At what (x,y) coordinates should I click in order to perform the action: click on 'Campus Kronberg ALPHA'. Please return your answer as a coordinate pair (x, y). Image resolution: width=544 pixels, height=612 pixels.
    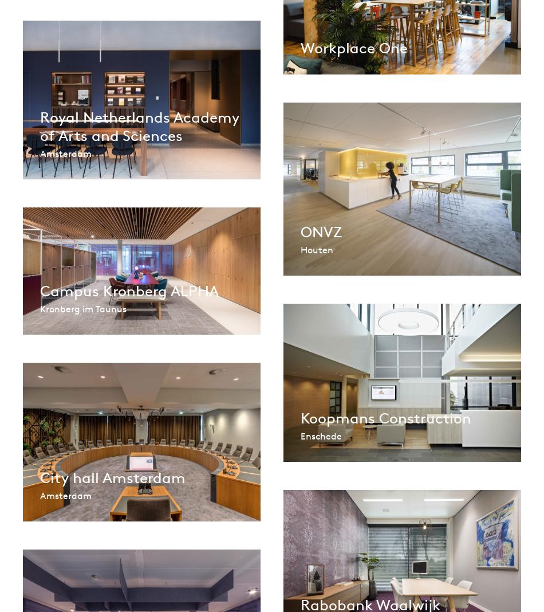
    Looking at the image, I should click on (129, 290).